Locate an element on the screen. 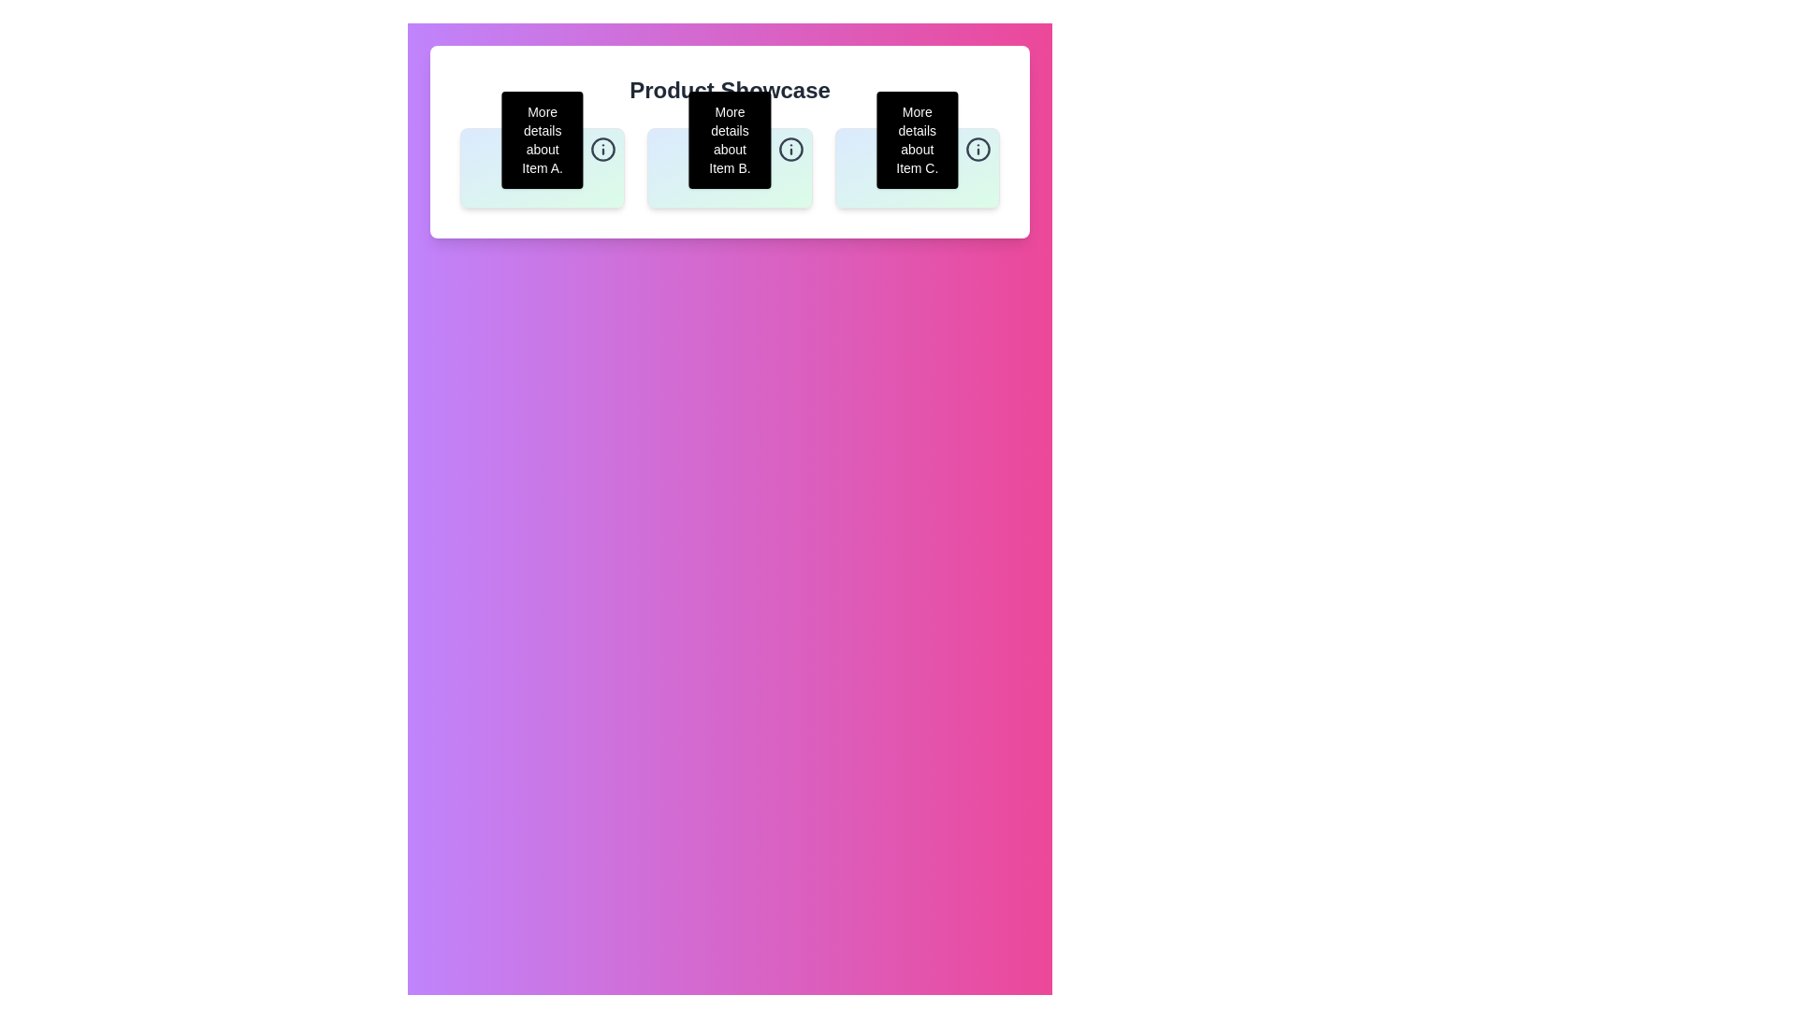 The image size is (1796, 1010). the icon located at the top-right corner of the card titled 'Item C', which provides additional details related to the content of 'Item C' is located at coordinates (978, 148).